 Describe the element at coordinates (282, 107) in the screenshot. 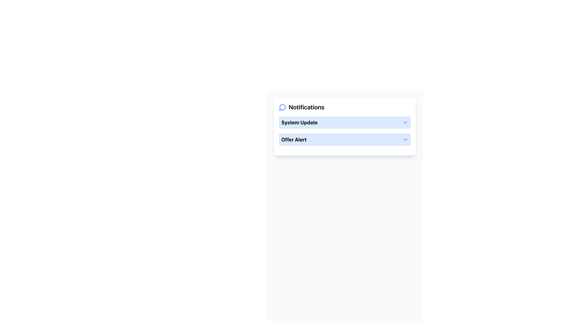

I see `the small blue message bubble icon located to the left of the 'Notifications' text in the notifications section header` at that location.